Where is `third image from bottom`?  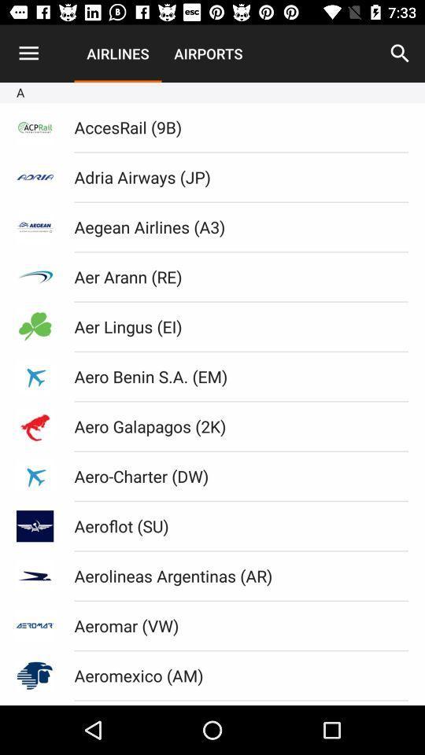 third image from bottom is located at coordinates (35, 575).